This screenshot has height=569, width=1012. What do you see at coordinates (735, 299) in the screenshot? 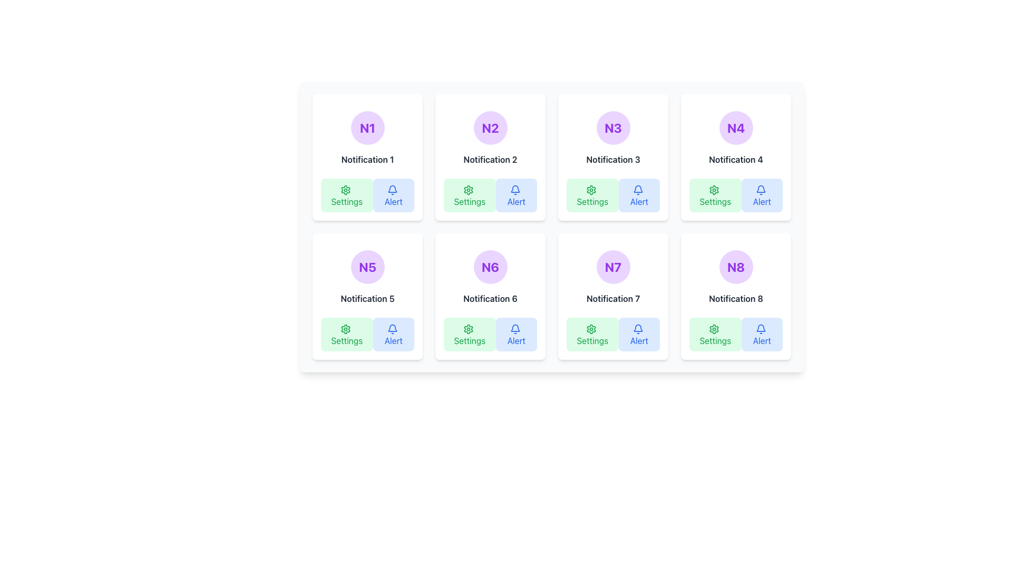
I see `the 'Notification 8' text label, which is styled with a bold font and dark gray color, located at the bottom of the eighth card in the grid layout` at bounding box center [735, 299].